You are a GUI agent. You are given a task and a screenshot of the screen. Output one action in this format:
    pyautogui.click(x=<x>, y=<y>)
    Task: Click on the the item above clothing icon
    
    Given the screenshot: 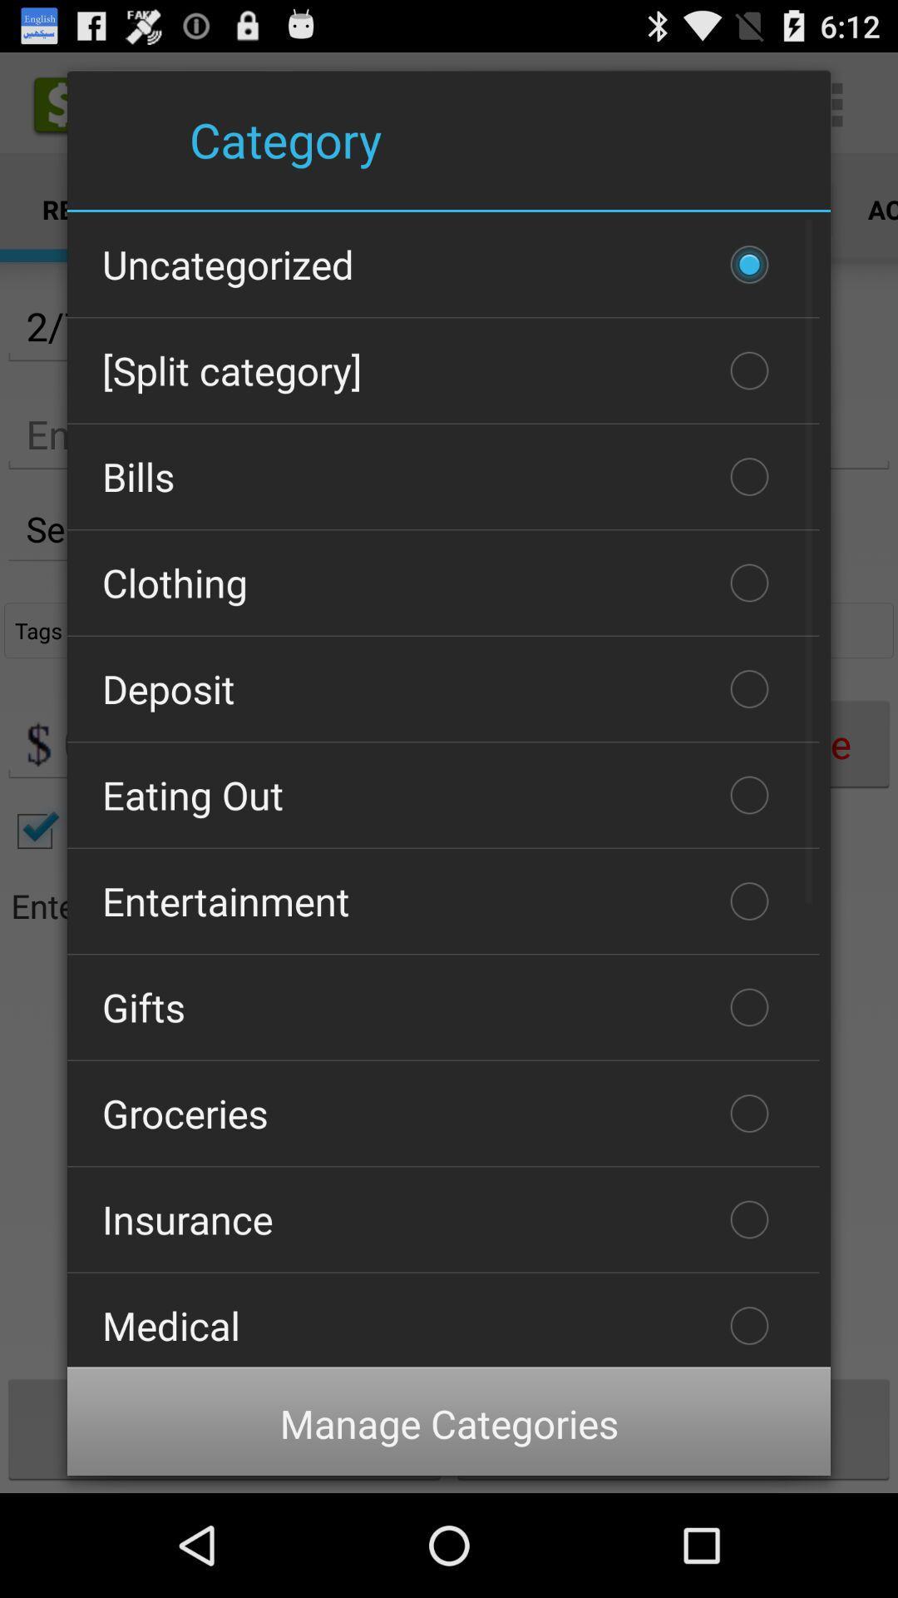 What is the action you would take?
    pyautogui.click(x=442, y=475)
    